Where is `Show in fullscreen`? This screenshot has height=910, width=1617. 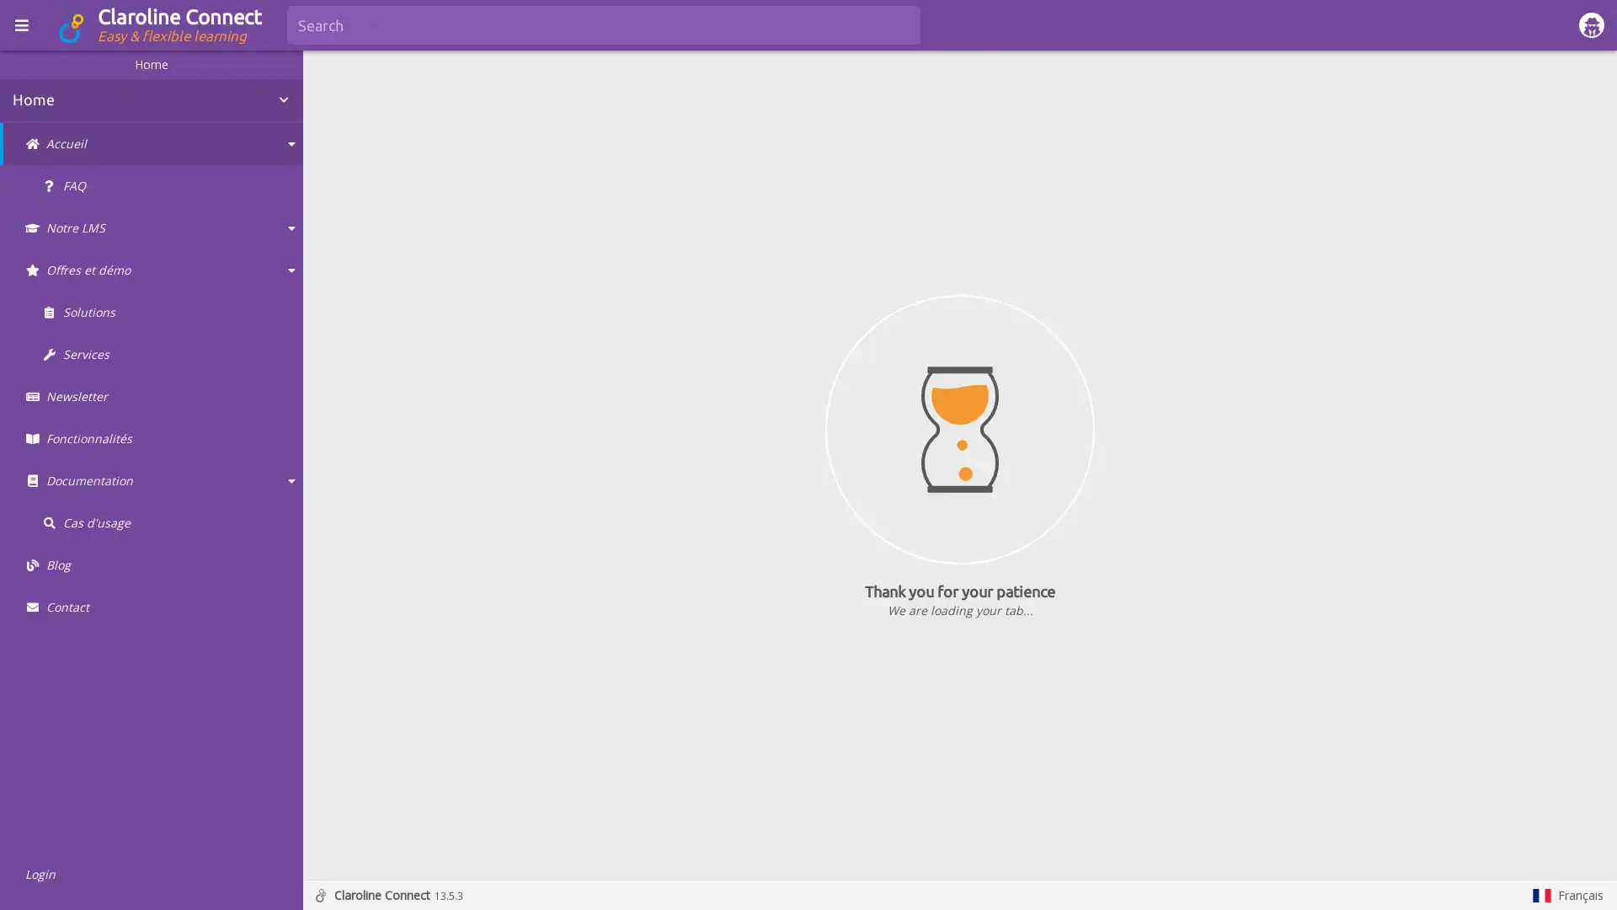
Show in fullscreen is located at coordinates (1541, 297).